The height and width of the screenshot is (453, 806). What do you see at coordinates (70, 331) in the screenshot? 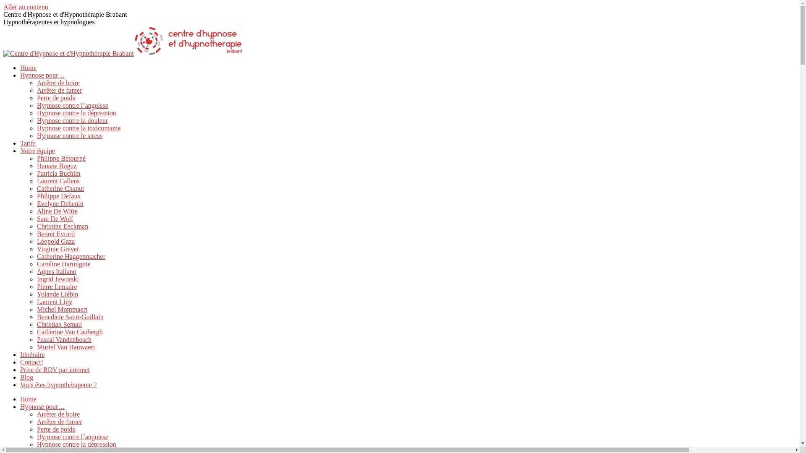
I see `'Catherine Van Caubergh'` at bounding box center [70, 331].